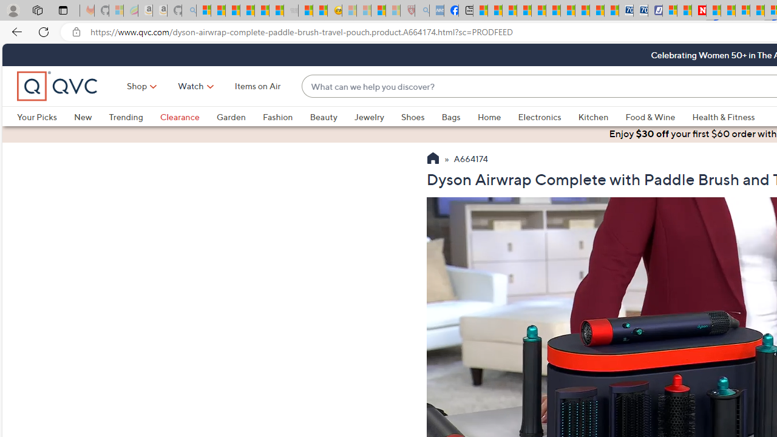  What do you see at coordinates (470, 159) in the screenshot?
I see `'A664174'` at bounding box center [470, 159].